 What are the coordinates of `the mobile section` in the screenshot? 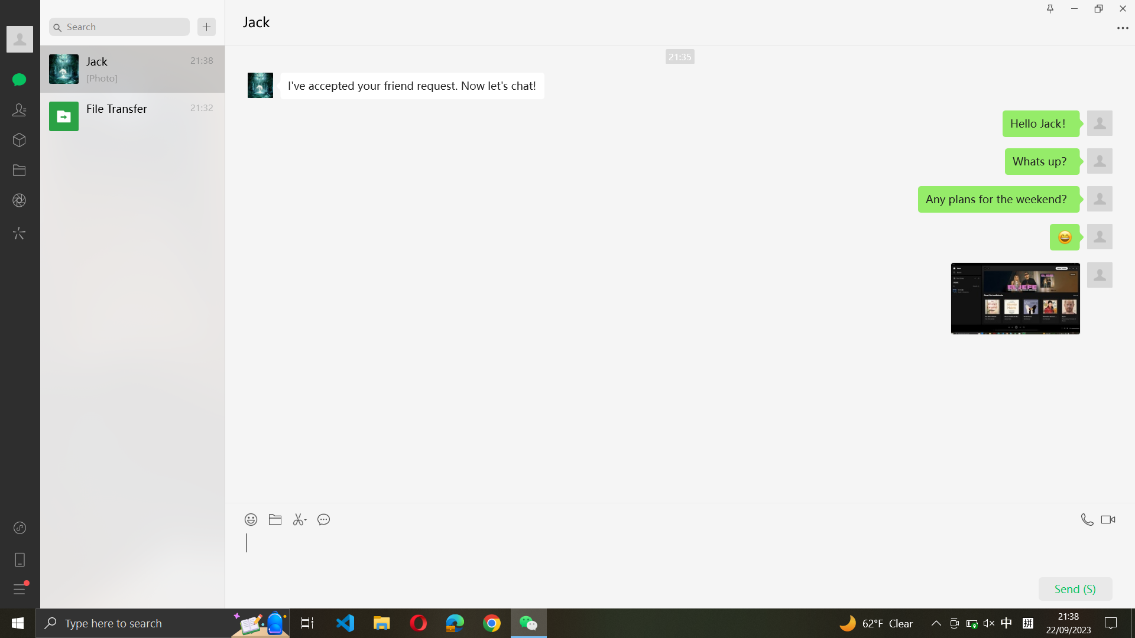 It's located at (20, 558).